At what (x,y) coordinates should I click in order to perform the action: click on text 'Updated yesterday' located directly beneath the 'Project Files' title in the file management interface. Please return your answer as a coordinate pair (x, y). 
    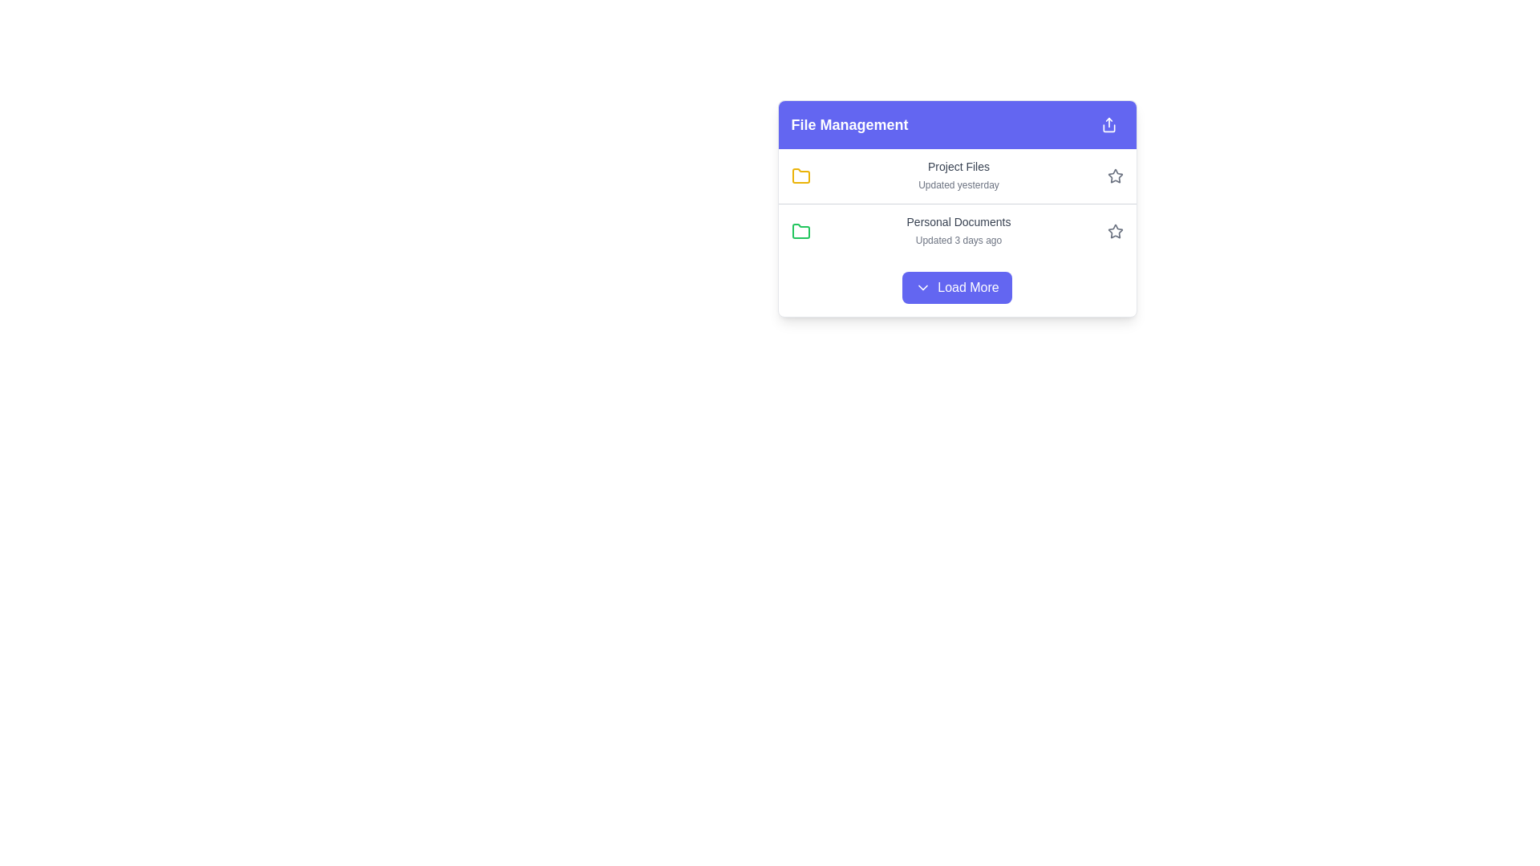
    Looking at the image, I should click on (958, 184).